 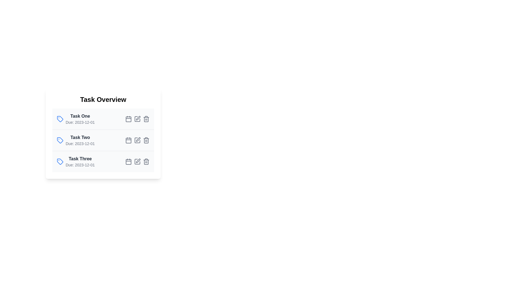 What do you see at coordinates (103, 140) in the screenshot?
I see `the task entry titled 'Task Two'` at bounding box center [103, 140].